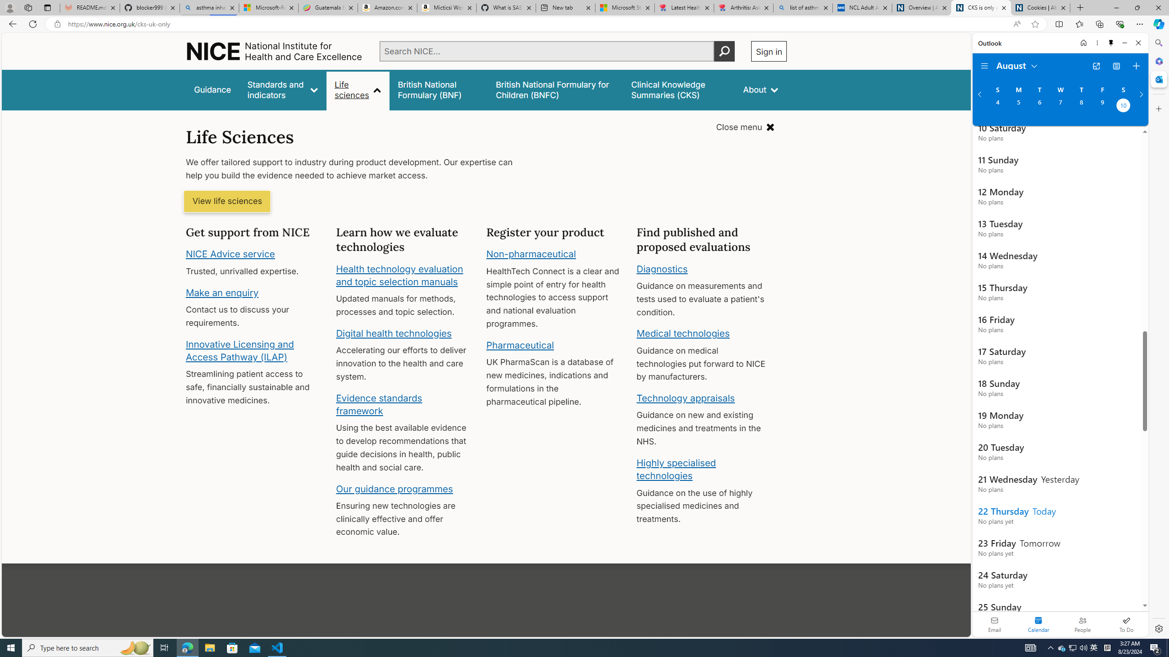 The width and height of the screenshot is (1169, 657). Describe the element at coordinates (240, 350) in the screenshot. I see `'Innovative Licensing and Access Pathway (ILAP)'` at that location.